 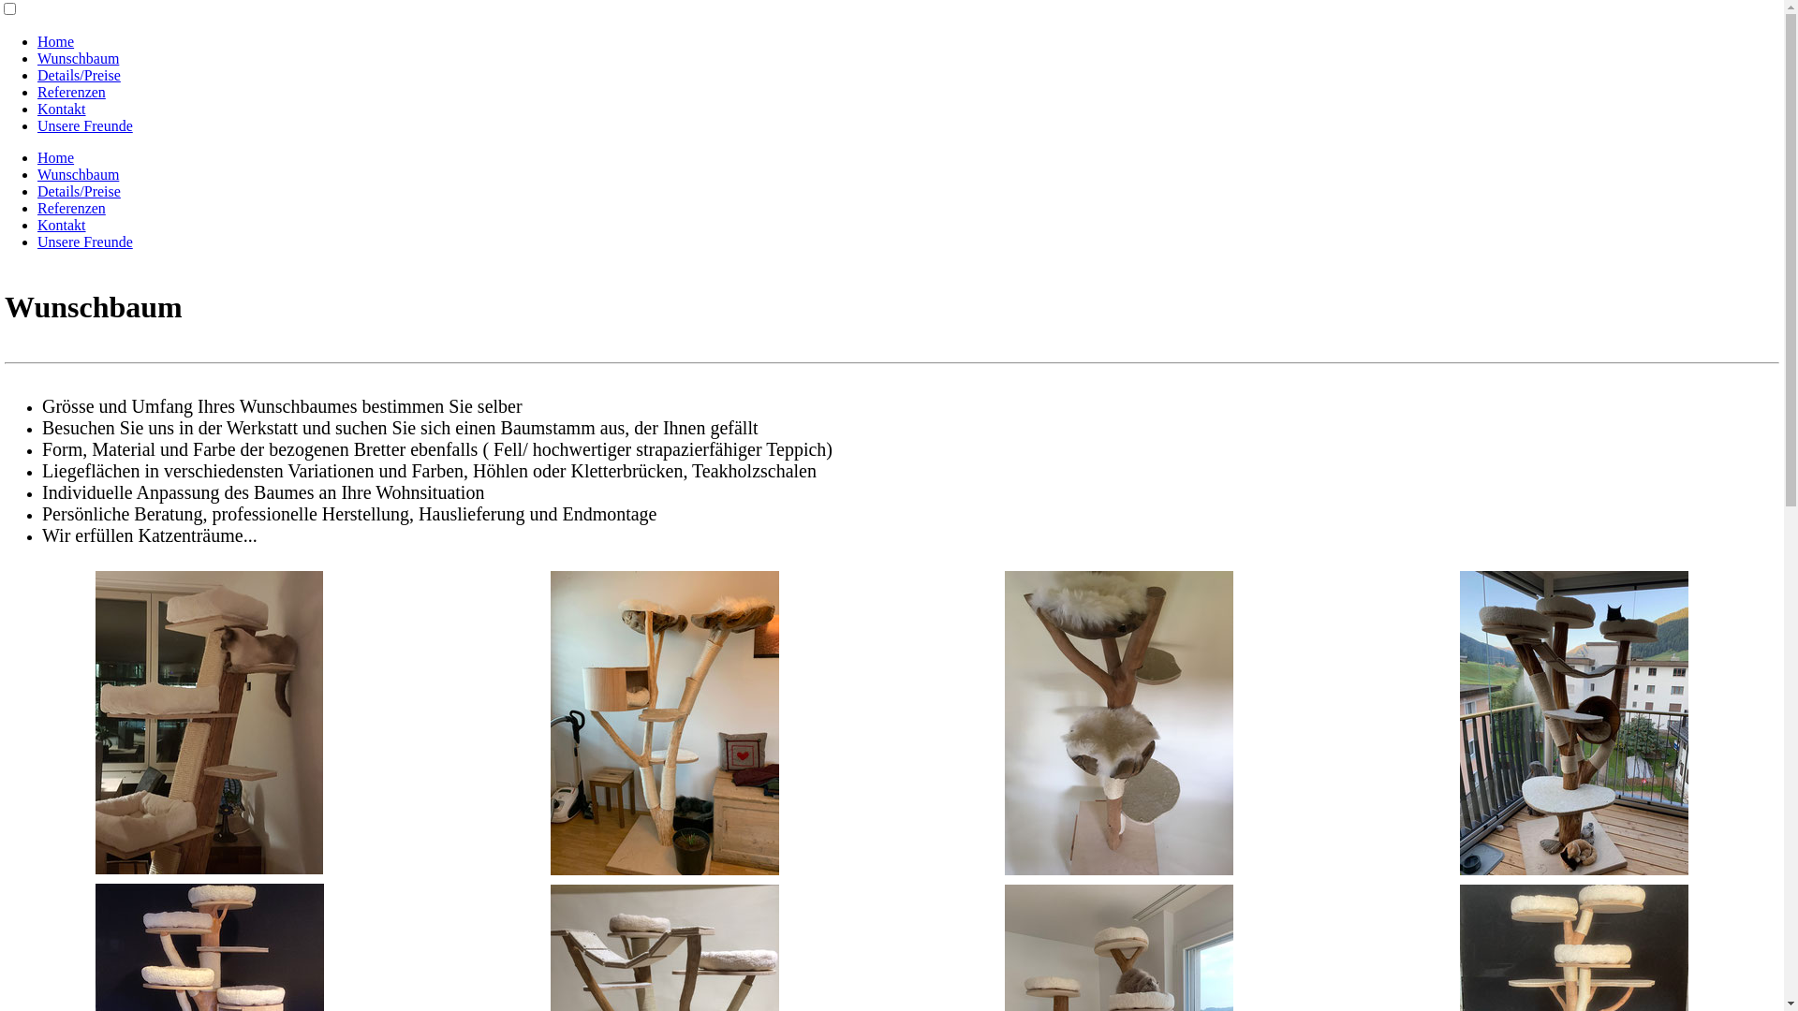 What do you see at coordinates (71, 92) in the screenshot?
I see `'Referenzen'` at bounding box center [71, 92].